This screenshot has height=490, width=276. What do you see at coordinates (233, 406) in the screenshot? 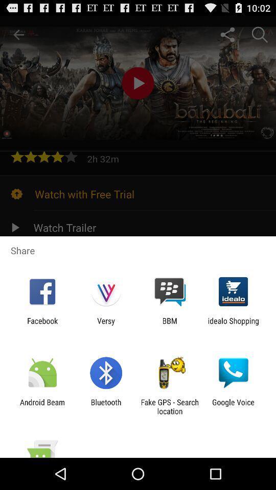
I see `google voice` at bounding box center [233, 406].